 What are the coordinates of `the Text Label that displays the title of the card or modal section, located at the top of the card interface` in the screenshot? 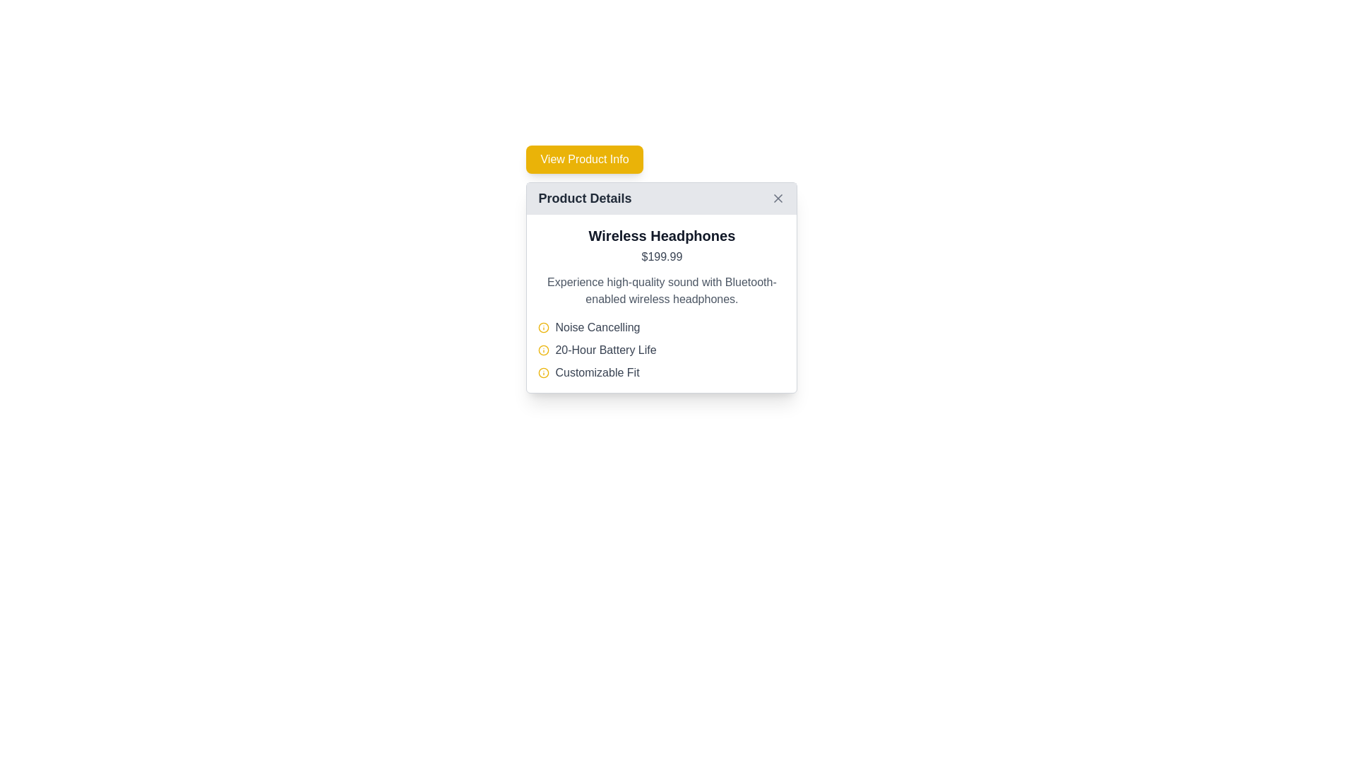 It's located at (585, 199).